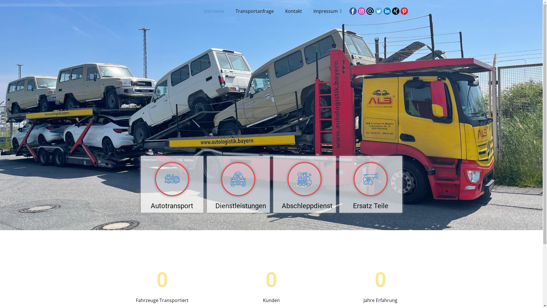 The image size is (547, 308). Describe the element at coordinates (361, 11) in the screenshot. I see `'instagram'` at that location.